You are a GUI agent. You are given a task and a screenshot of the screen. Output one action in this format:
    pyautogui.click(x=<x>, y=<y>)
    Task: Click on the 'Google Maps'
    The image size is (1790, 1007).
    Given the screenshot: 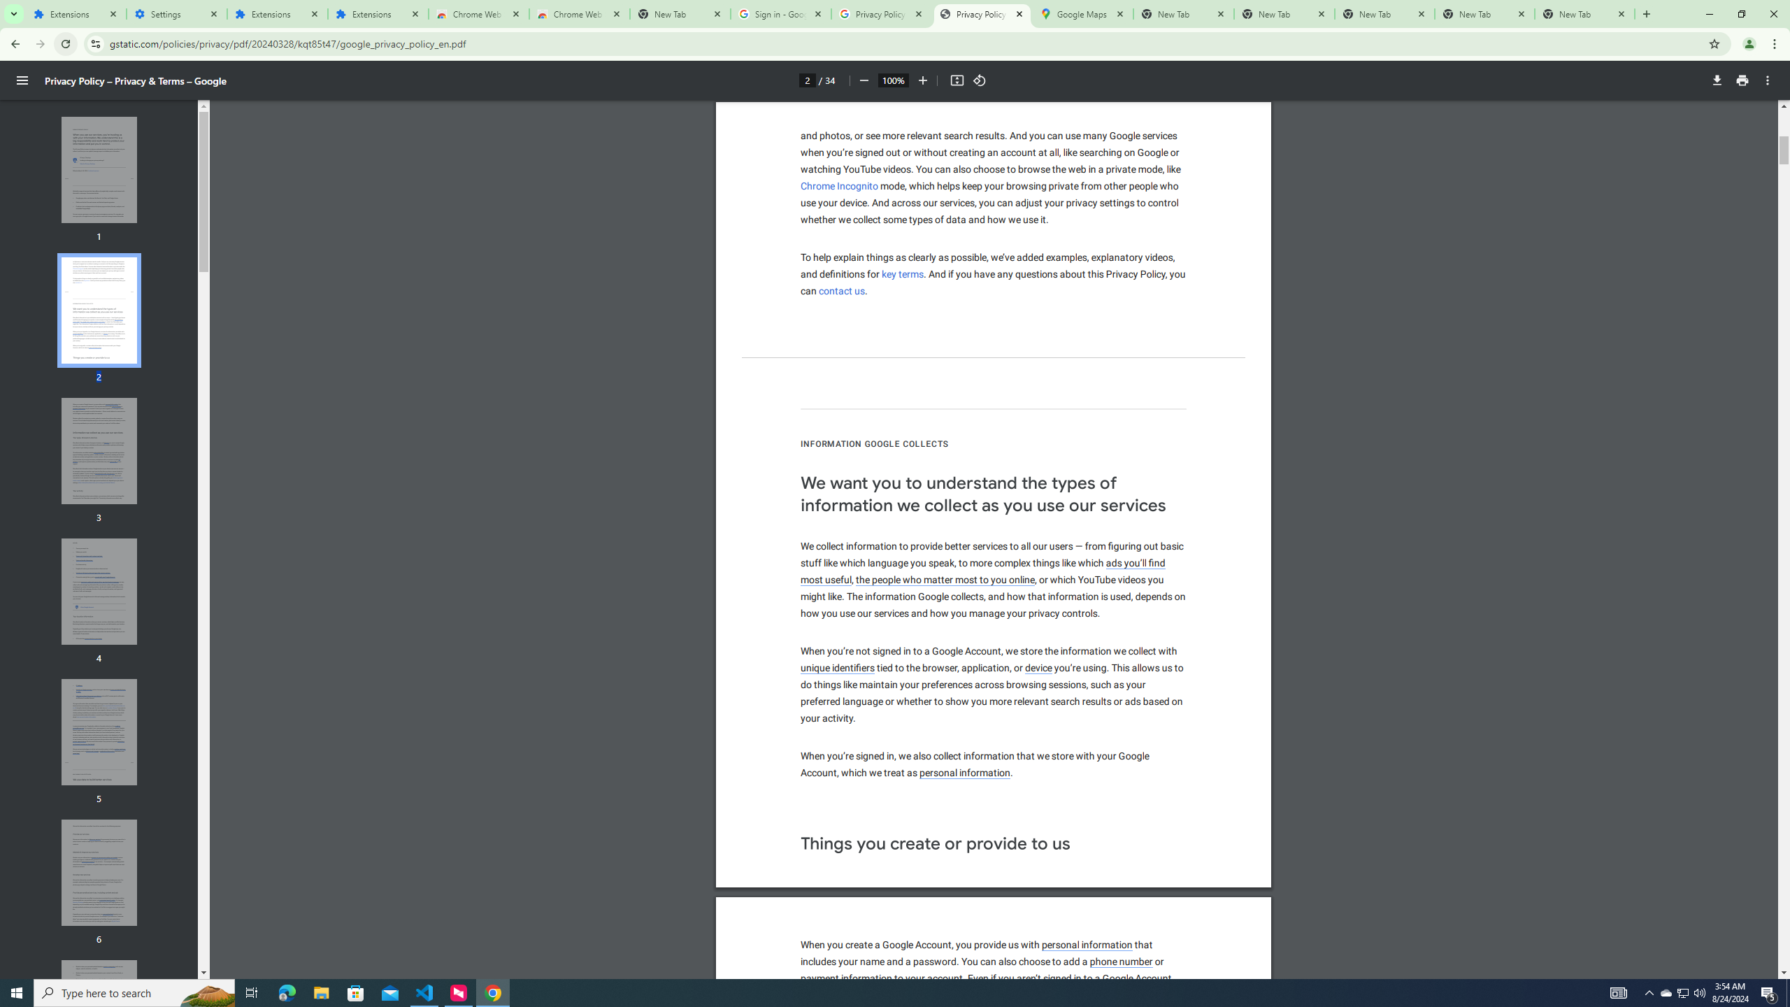 What is the action you would take?
    pyautogui.click(x=1082, y=13)
    